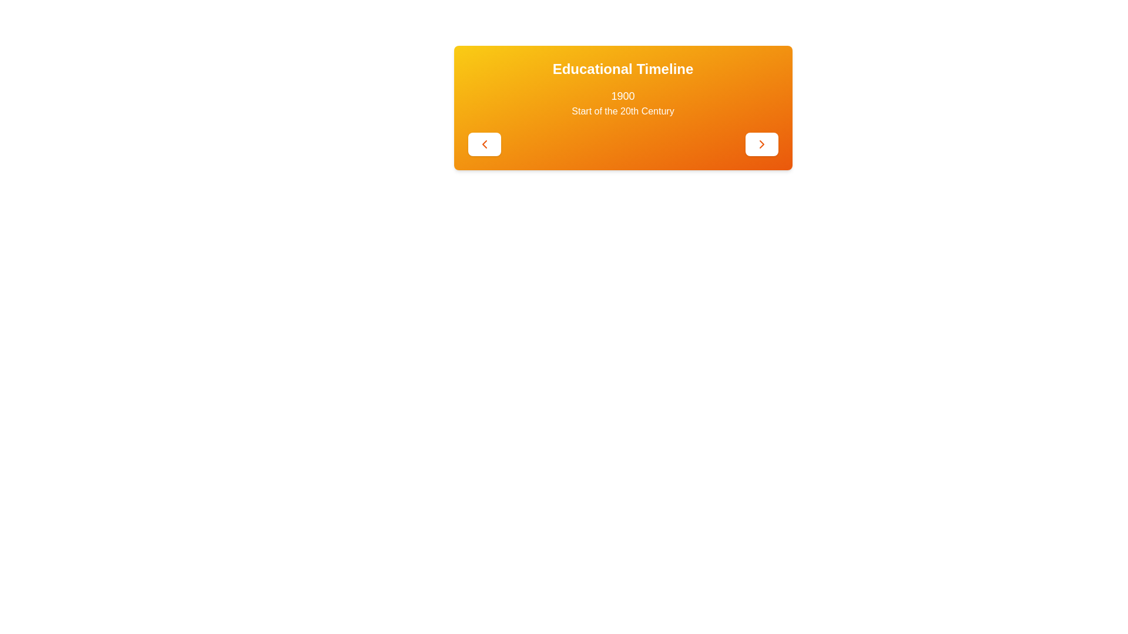 This screenshot has width=1128, height=634. Describe the element at coordinates (761, 144) in the screenshot. I see `the navigation button located on the far right within the orange section titled 'Educational Timeline' to outline it` at that location.